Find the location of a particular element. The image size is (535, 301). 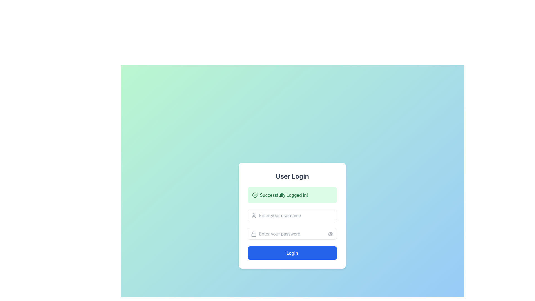

the lower part of the lock icon, which visually represents the body of the lock symbol, indicative of security or password protection, located to the left of the password input field is located at coordinates (254, 235).